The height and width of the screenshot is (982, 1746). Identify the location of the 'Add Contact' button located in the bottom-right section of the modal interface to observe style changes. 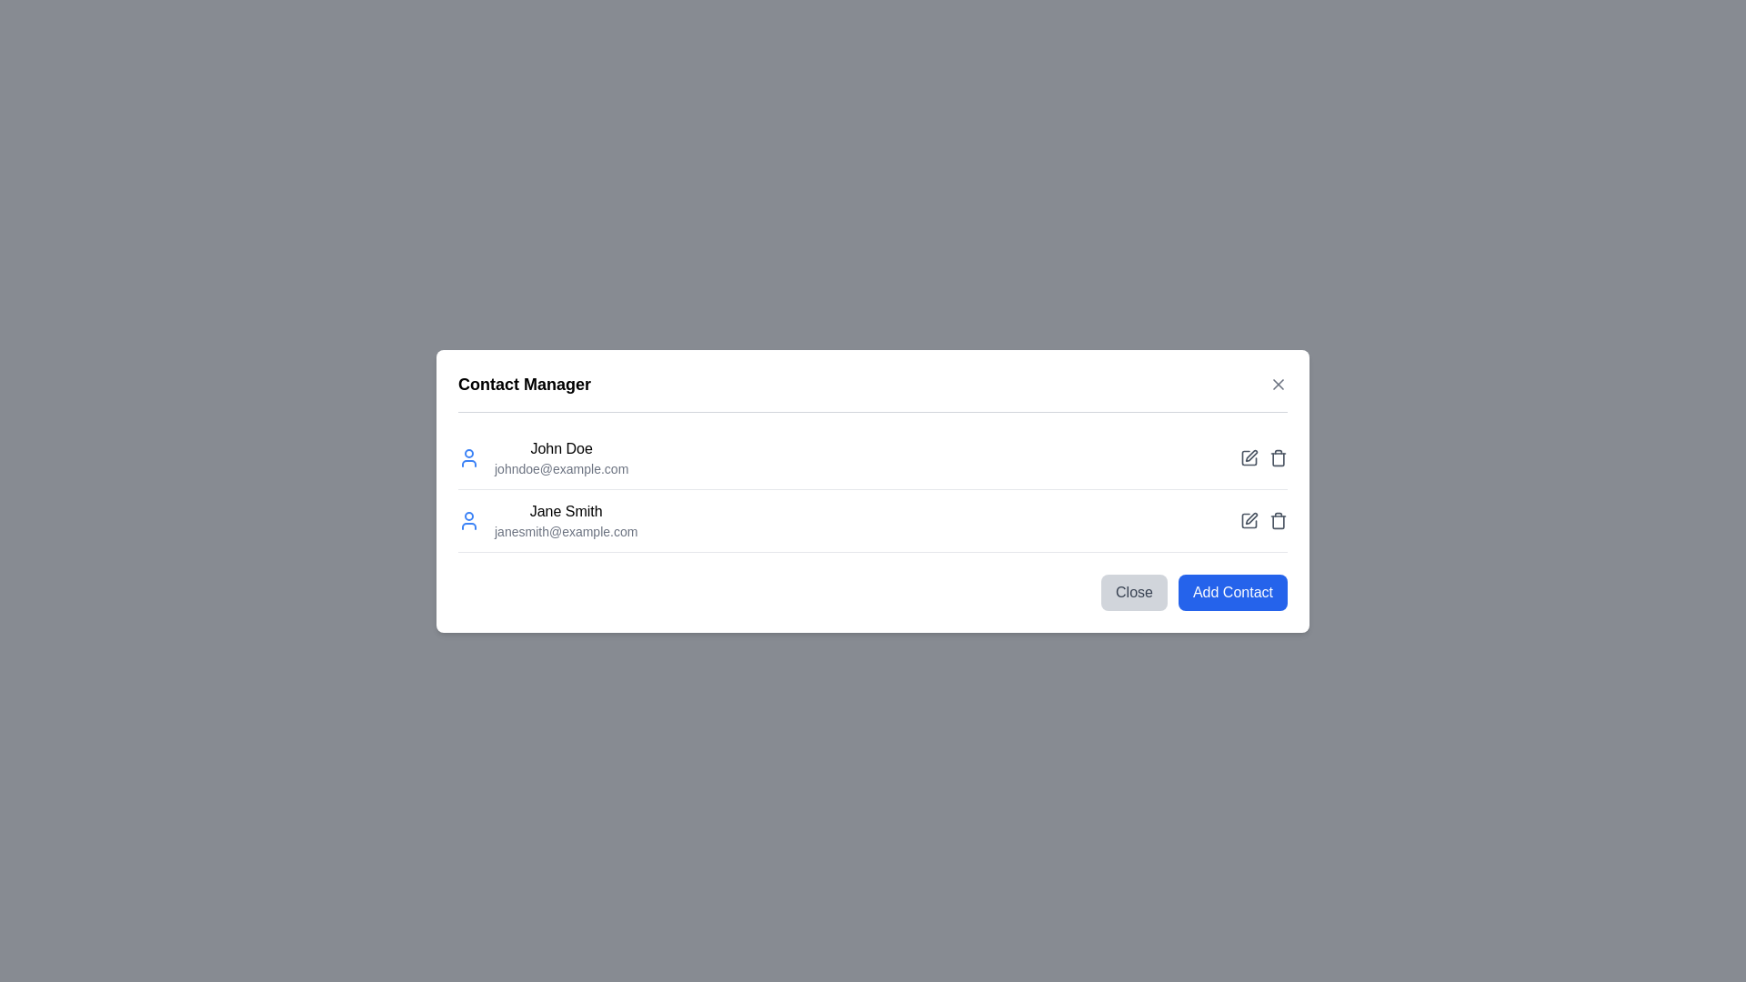
(1232, 592).